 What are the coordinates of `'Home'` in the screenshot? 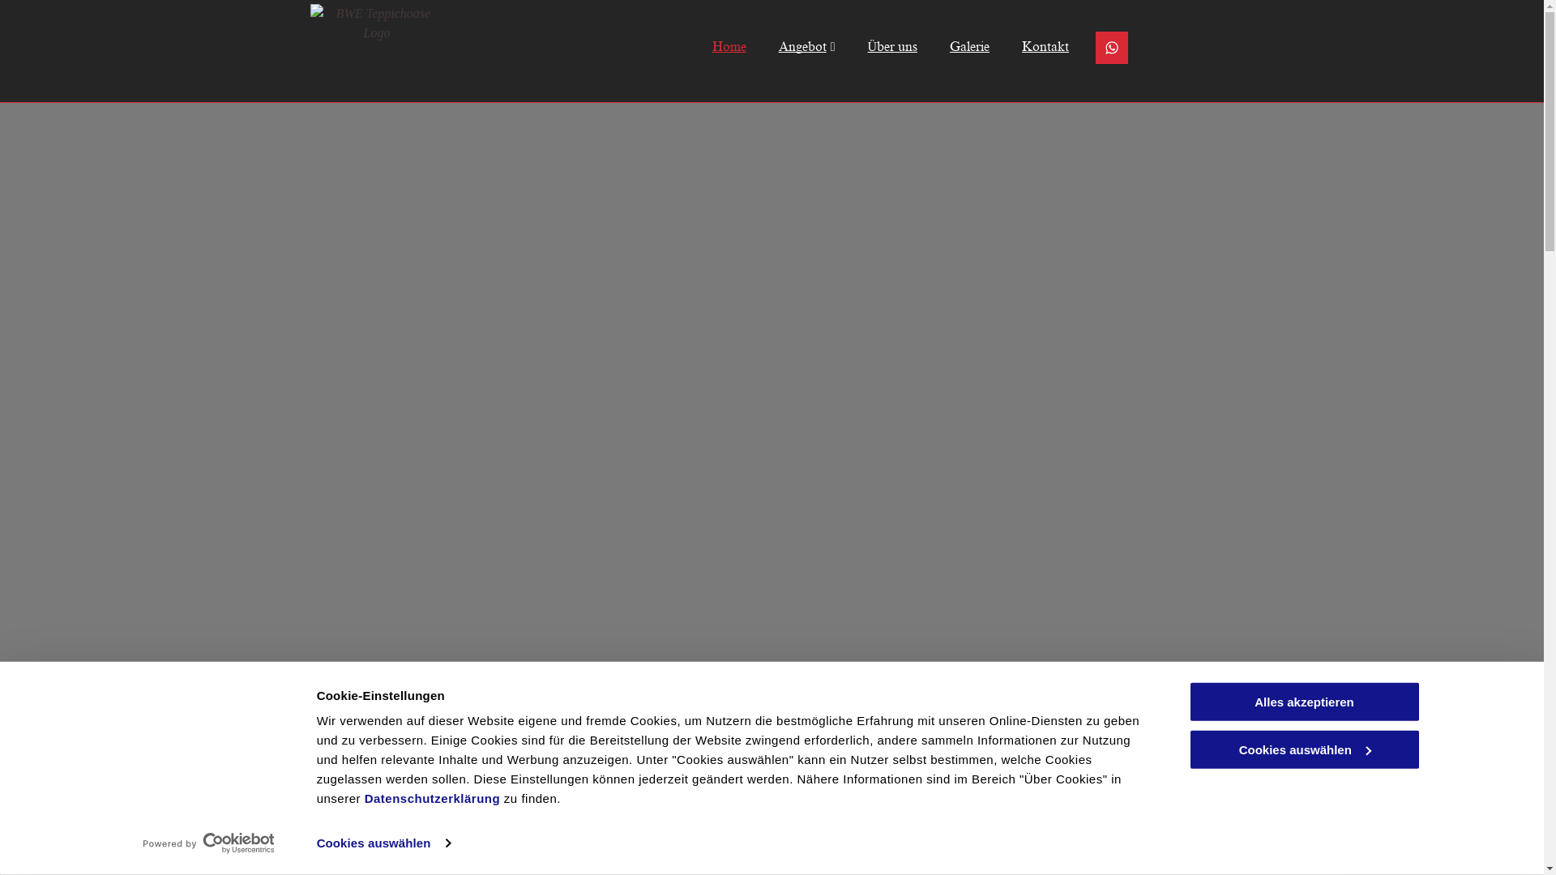 It's located at (680, 45).